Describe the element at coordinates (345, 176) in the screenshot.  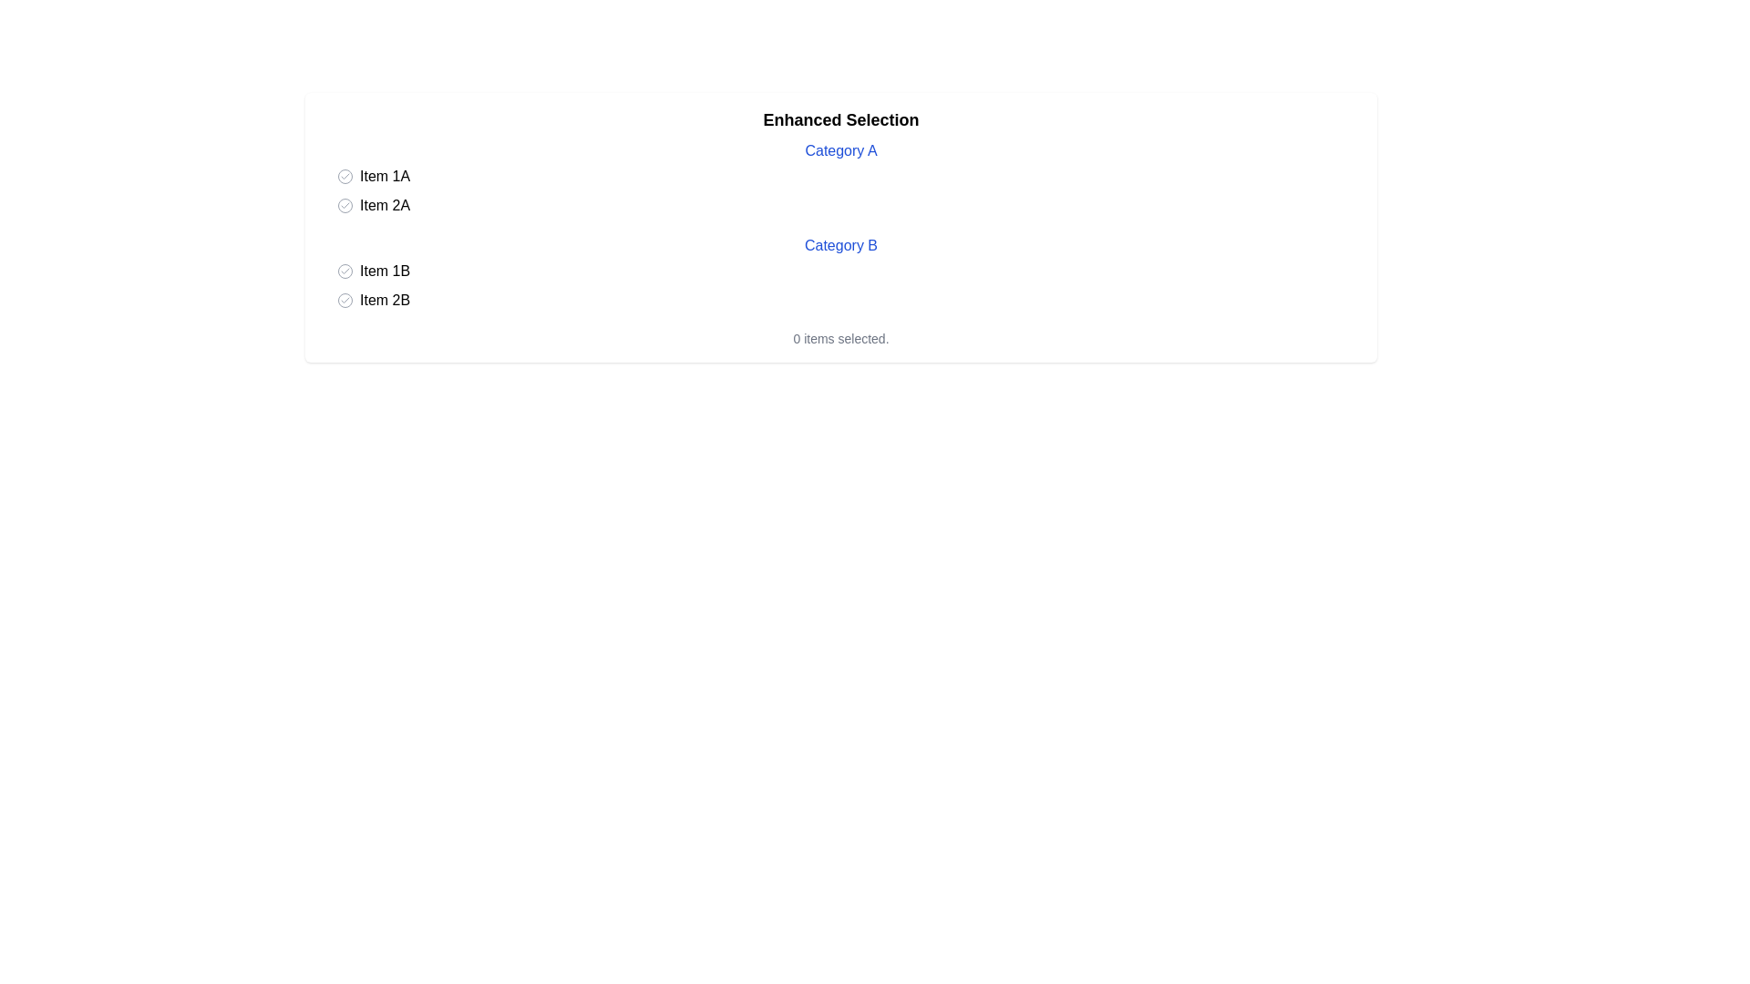
I see `the circular selection marker checkbox located to the left of 'Item 1A'` at that location.